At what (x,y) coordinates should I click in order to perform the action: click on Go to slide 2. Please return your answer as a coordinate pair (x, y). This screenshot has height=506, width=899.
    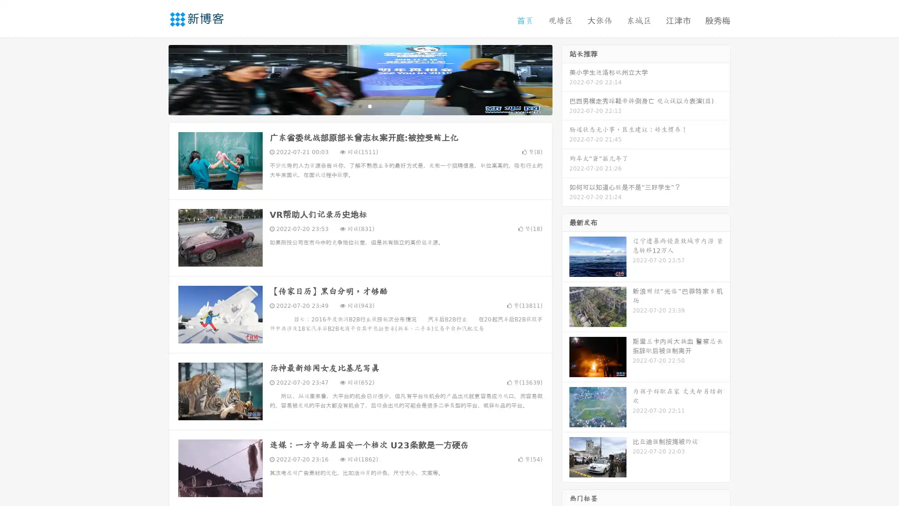
    Looking at the image, I should click on (360, 105).